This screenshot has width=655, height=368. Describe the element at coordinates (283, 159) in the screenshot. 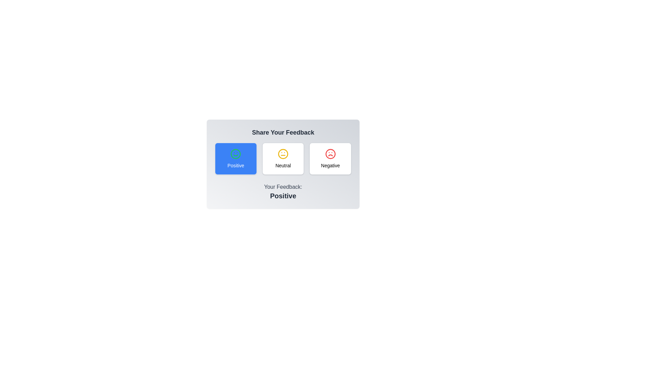

I see `the feedback option Neutral for accessibility testing` at that location.